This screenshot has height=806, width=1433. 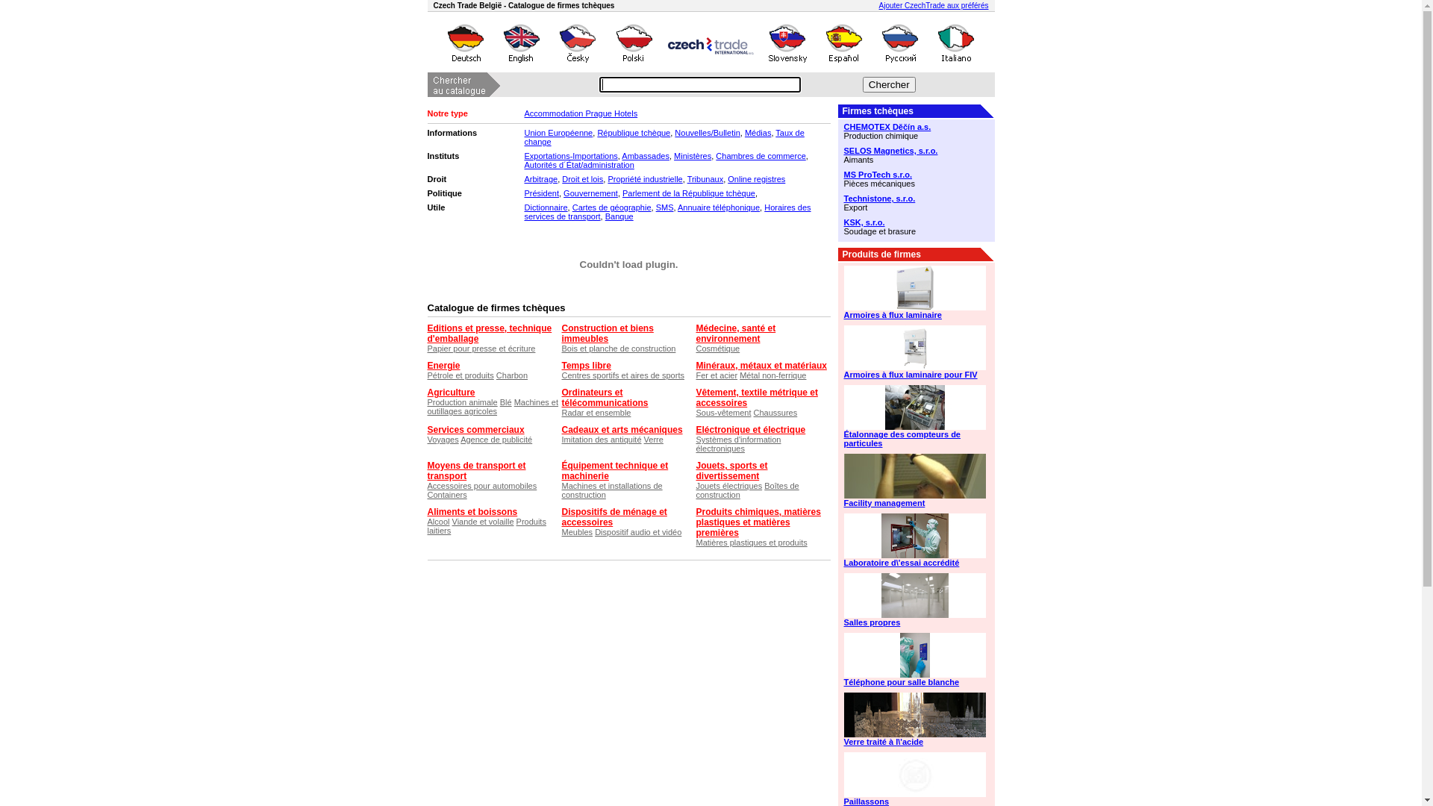 What do you see at coordinates (694, 471) in the screenshot?
I see `'Jouets, sports et divertissement'` at bounding box center [694, 471].